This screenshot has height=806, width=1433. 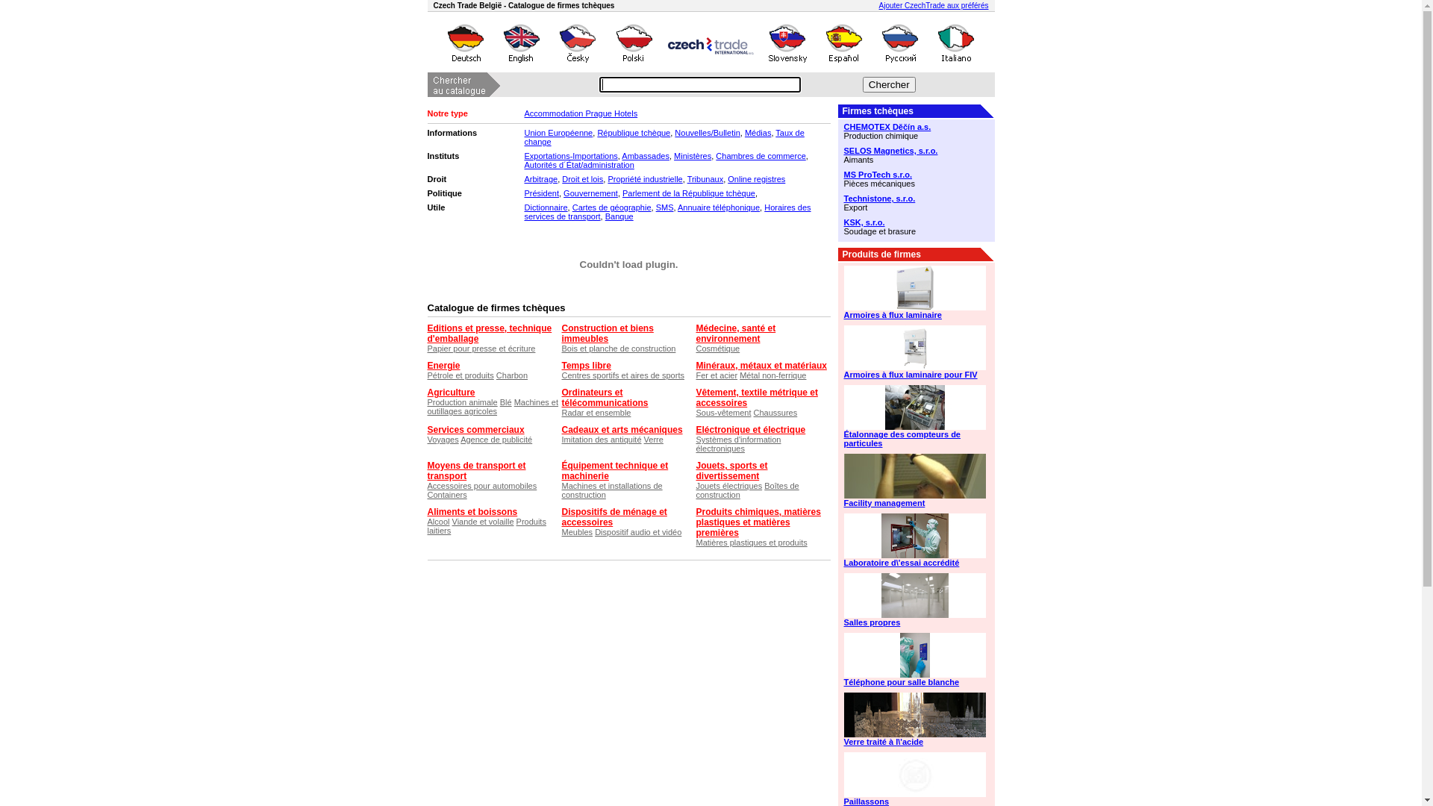 What do you see at coordinates (694, 471) in the screenshot?
I see `'Jouets, sports et divertissement'` at bounding box center [694, 471].